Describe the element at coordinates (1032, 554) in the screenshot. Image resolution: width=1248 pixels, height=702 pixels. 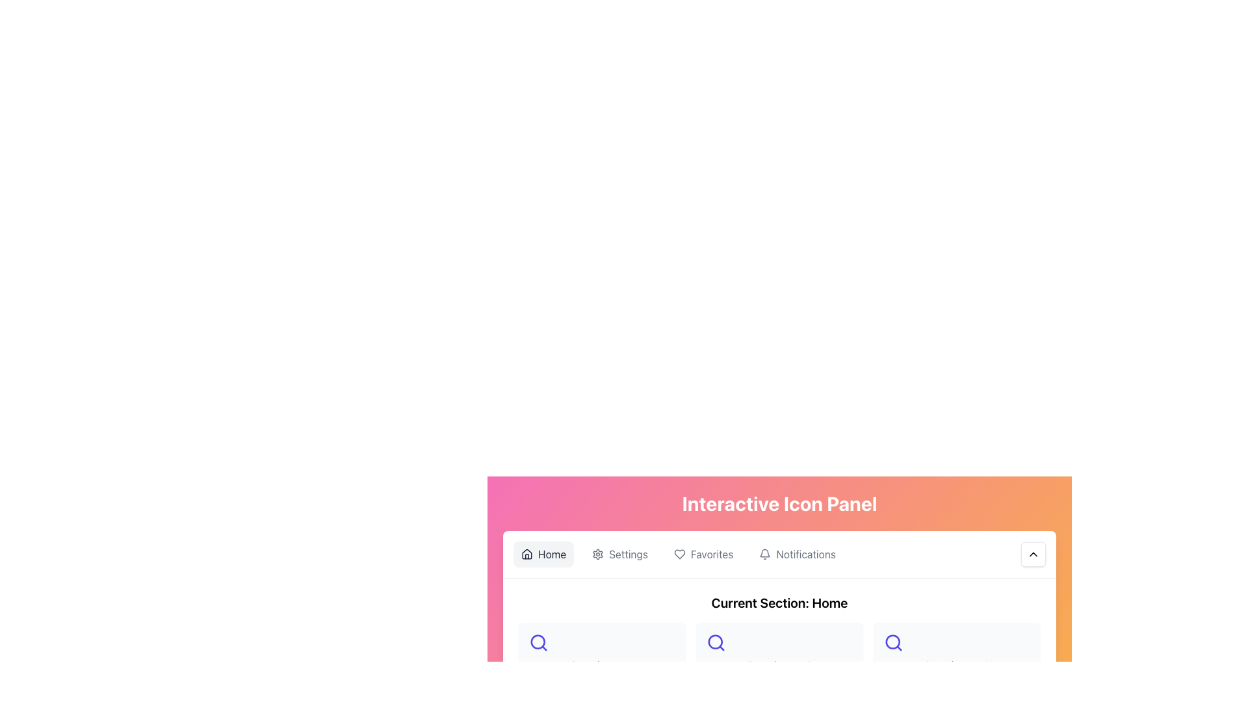
I see `the interactive icon located at the top right corner of the panel` at that location.